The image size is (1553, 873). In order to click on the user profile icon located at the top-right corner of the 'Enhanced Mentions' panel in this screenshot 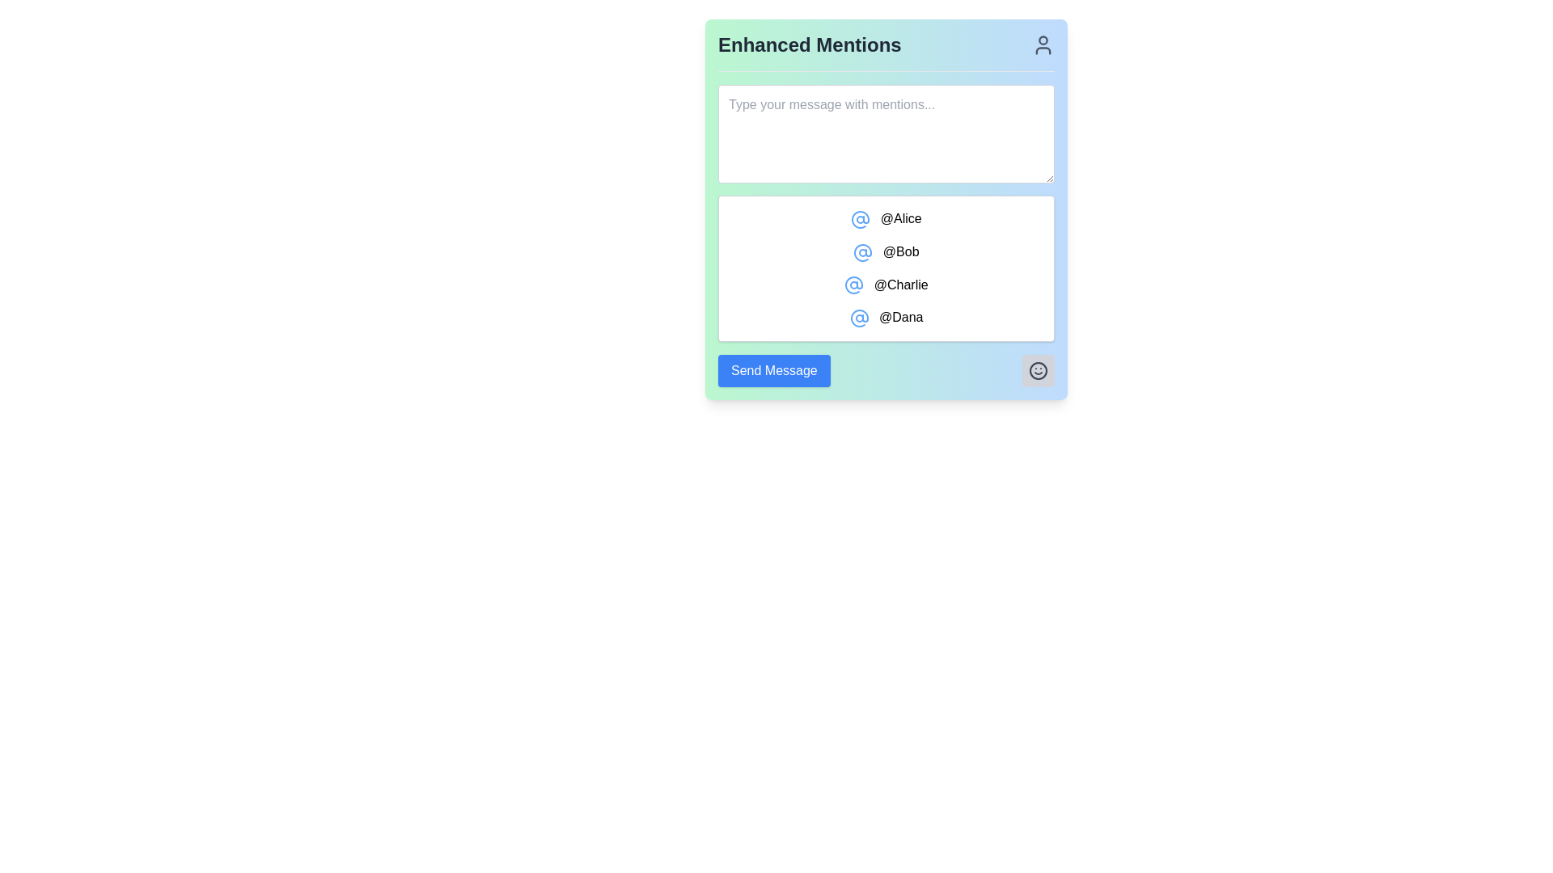, I will do `click(1043, 44)`.